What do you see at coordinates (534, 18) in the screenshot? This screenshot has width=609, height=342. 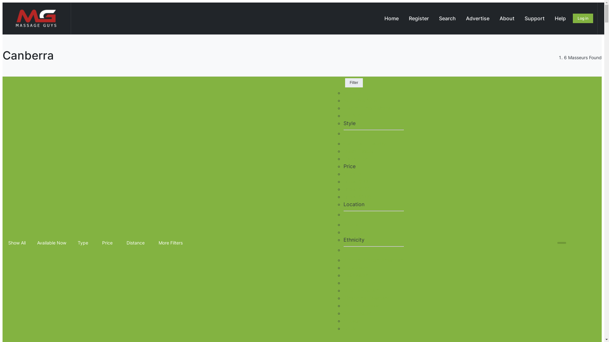 I see `'Support'` at bounding box center [534, 18].